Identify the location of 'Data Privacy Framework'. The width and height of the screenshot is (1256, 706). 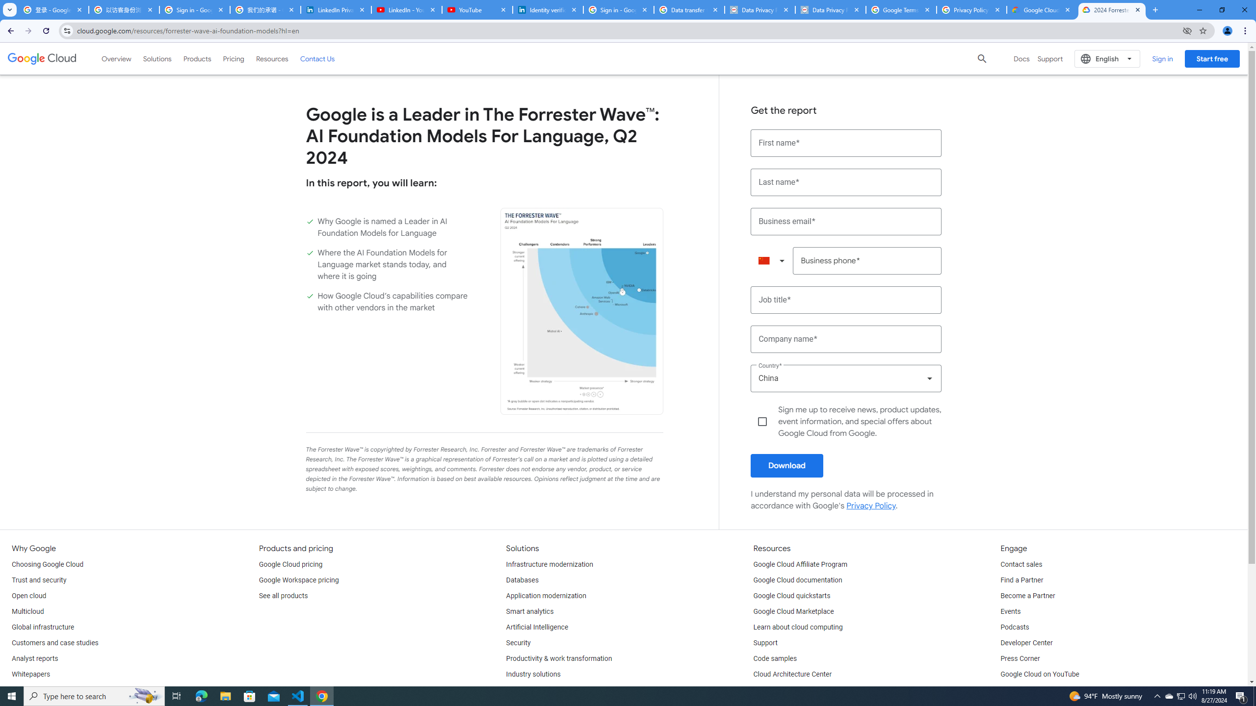
(830, 9).